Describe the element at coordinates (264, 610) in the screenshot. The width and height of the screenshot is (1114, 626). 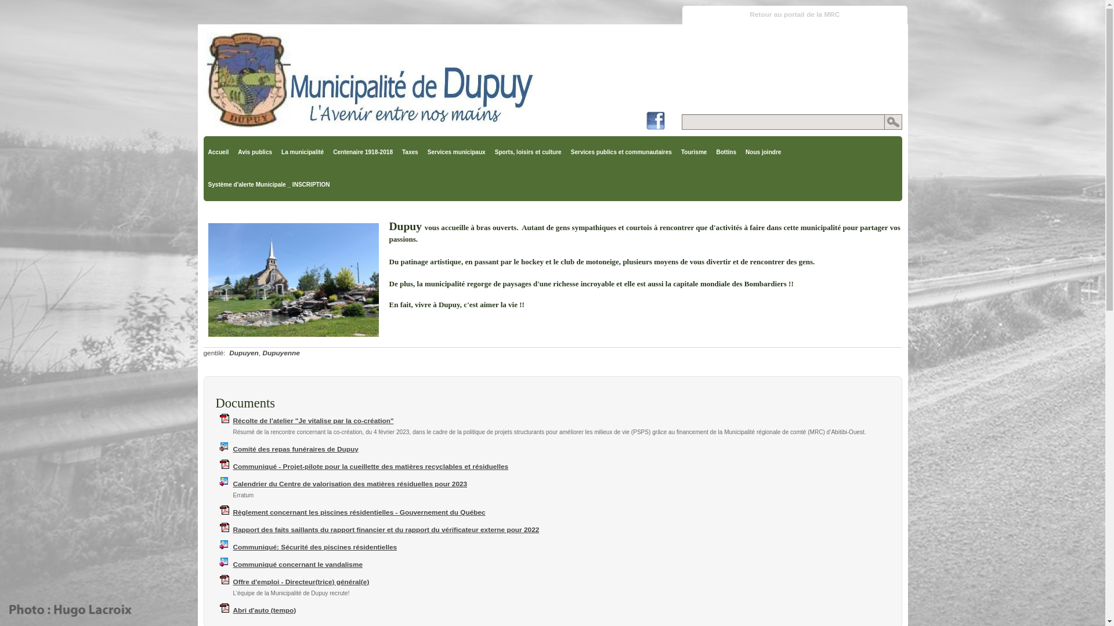
I see `'Abri d'auto (tempo)'` at that location.